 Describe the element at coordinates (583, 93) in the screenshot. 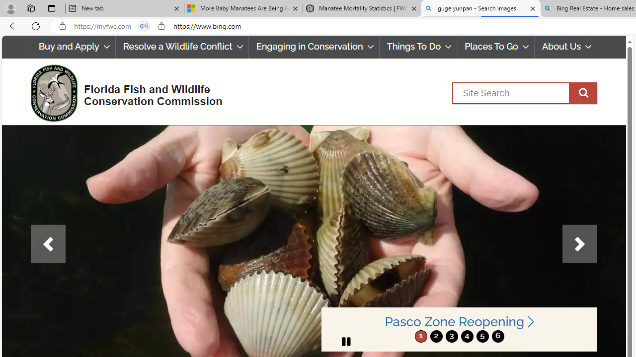

I see `'execute site search'` at that location.